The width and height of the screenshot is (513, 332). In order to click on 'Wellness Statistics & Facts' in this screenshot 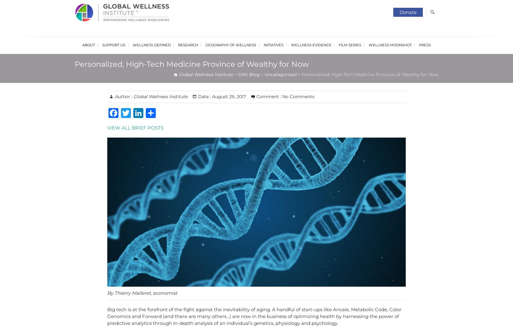, I will do `click(200, 122)`.